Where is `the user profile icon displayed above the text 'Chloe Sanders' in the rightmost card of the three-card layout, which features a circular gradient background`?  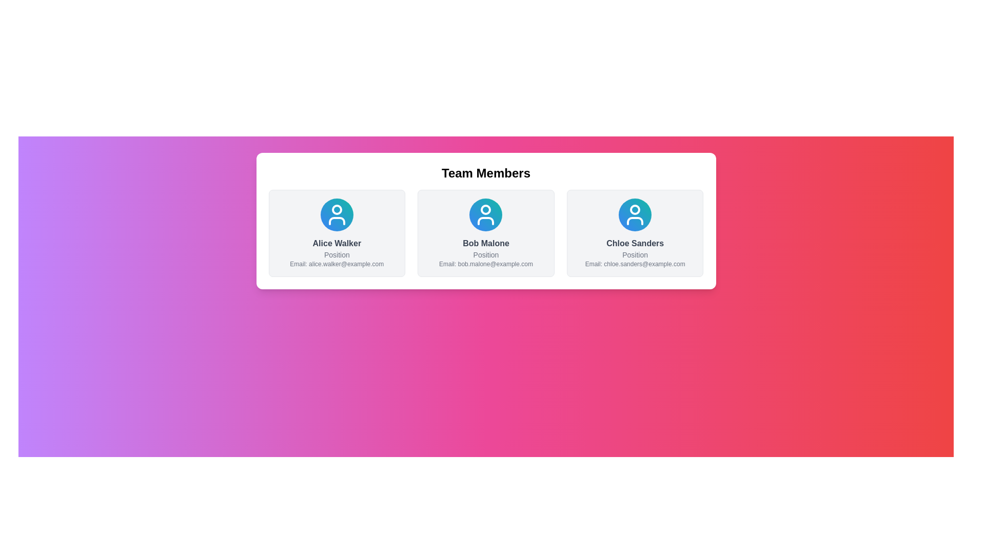
the user profile icon displayed above the text 'Chloe Sanders' in the rightmost card of the three-card layout, which features a circular gradient background is located at coordinates (635, 214).